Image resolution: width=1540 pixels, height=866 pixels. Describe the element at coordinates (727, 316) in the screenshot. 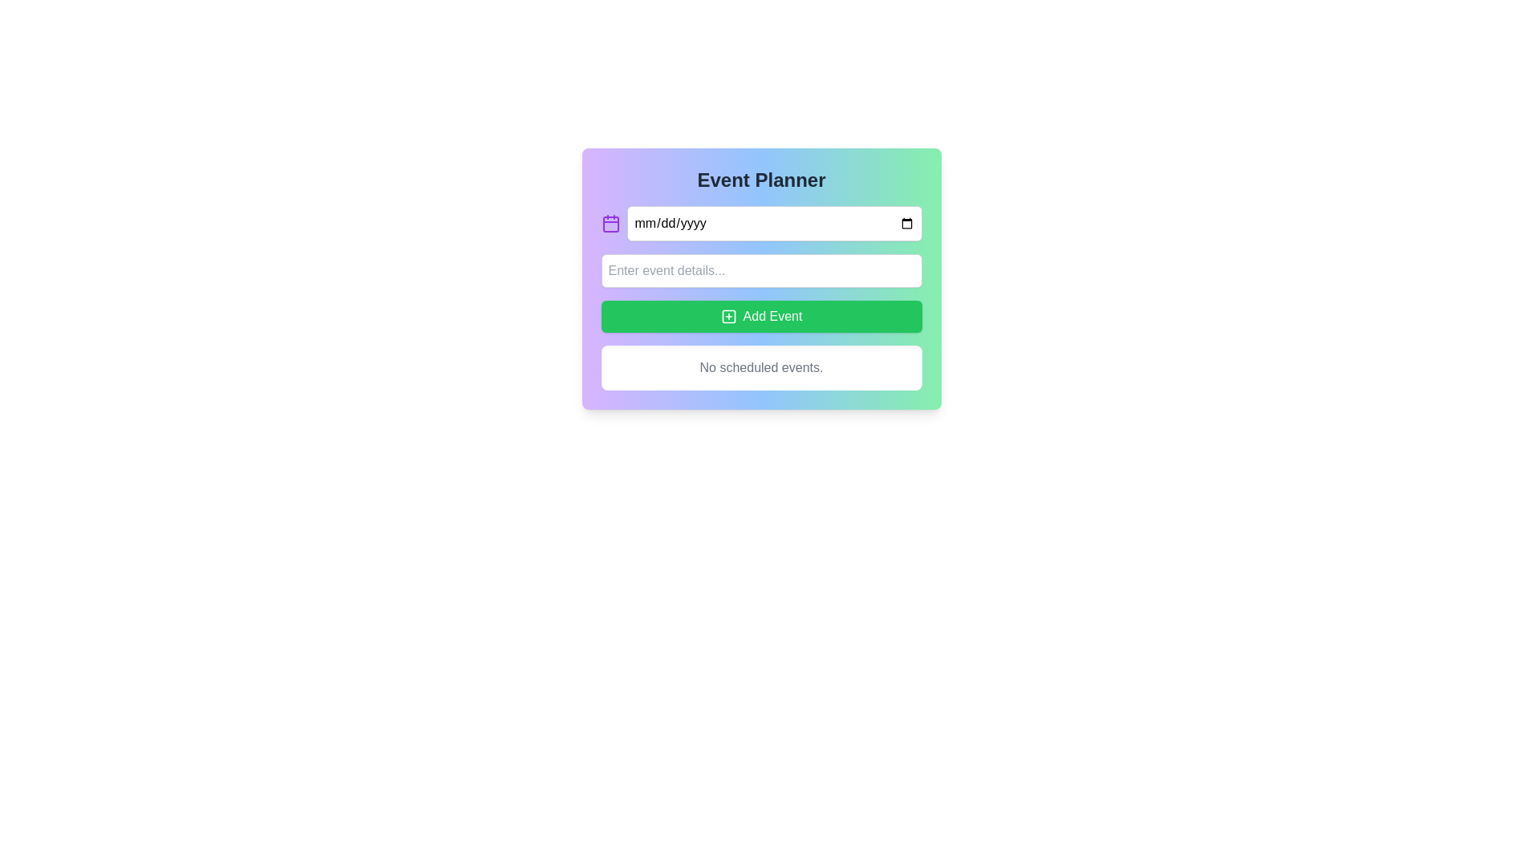

I see `the background graphical element of the 'Add Event' button icon, which is a rounded square located to the left of the 'Add Event' text inside the green button` at that location.